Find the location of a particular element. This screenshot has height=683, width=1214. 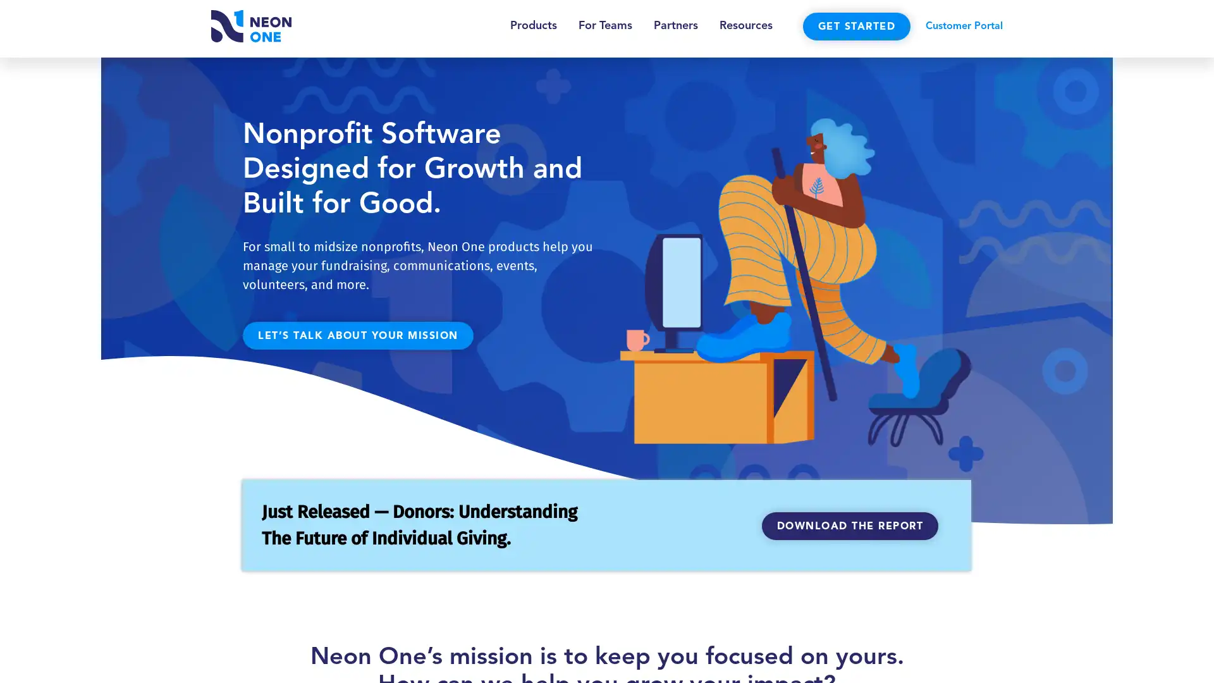

For Teams is located at coordinates (604, 26).